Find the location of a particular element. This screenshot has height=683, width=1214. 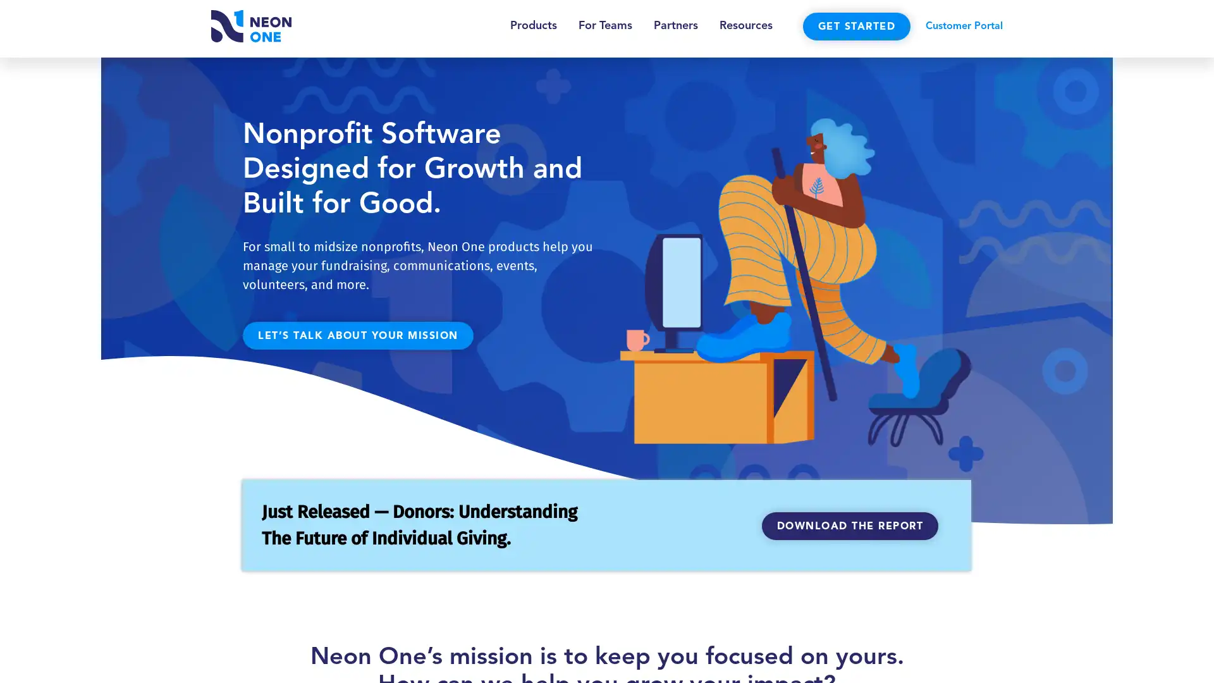

For Teams is located at coordinates (604, 26).